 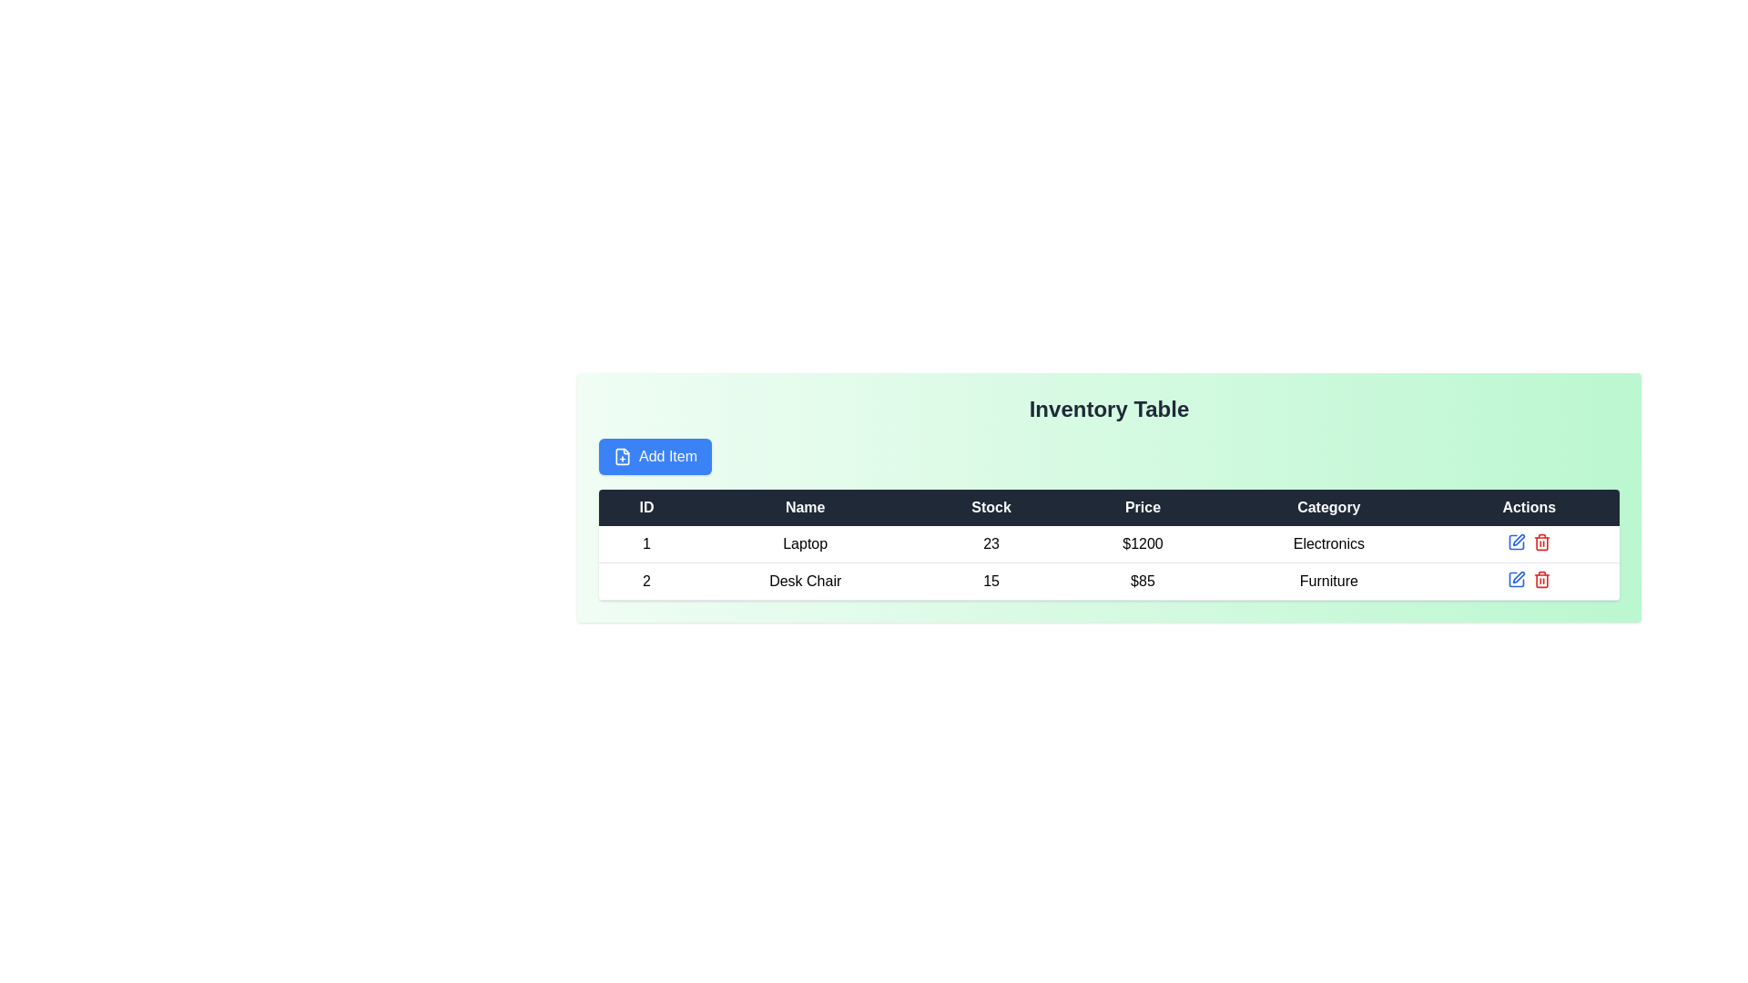 What do you see at coordinates (991, 508) in the screenshot?
I see `text of the 'Stock' label, which is the third label in a header row of a table, displayed in white font on a dark background` at bounding box center [991, 508].